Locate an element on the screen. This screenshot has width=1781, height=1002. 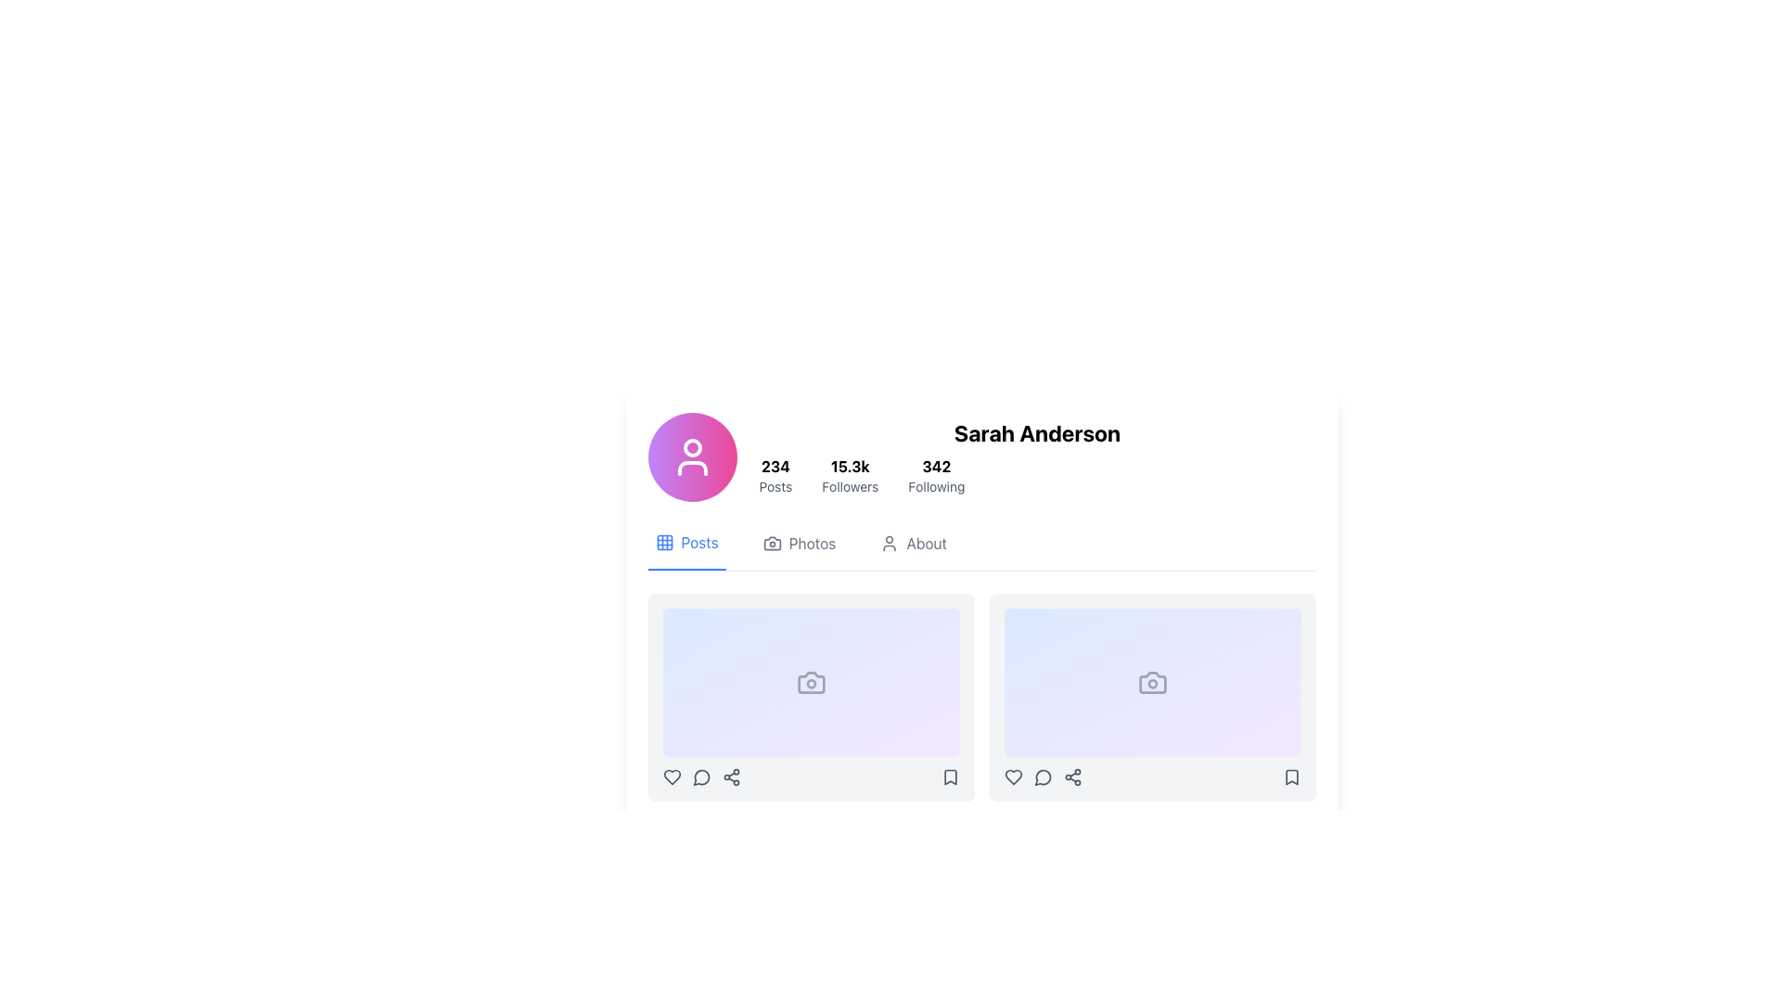
the comment icon button located at the bottom right of the content card is located at coordinates (1043, 777).